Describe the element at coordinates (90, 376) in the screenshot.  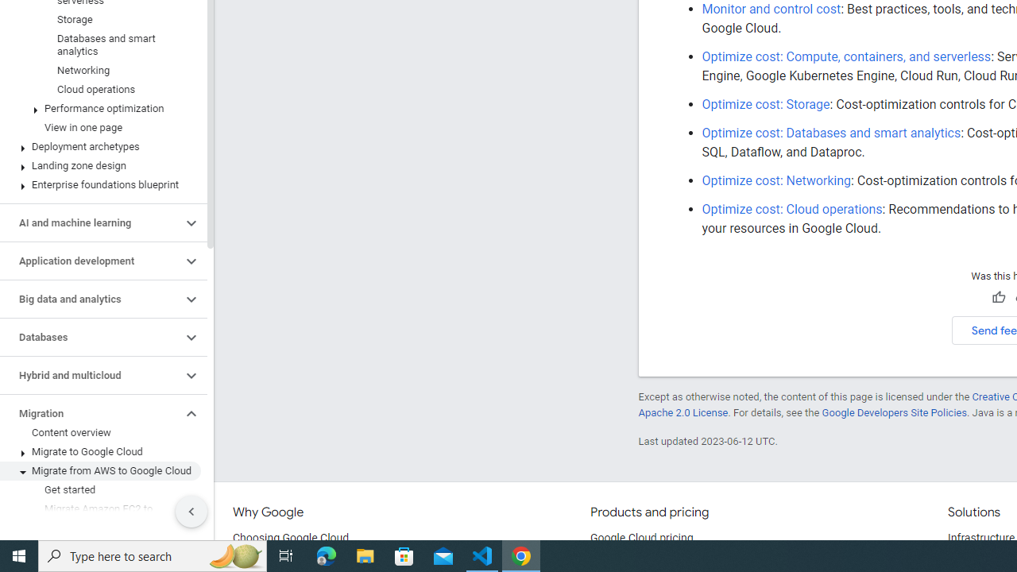
I see `'Hybrid and multicloud'` at that location.